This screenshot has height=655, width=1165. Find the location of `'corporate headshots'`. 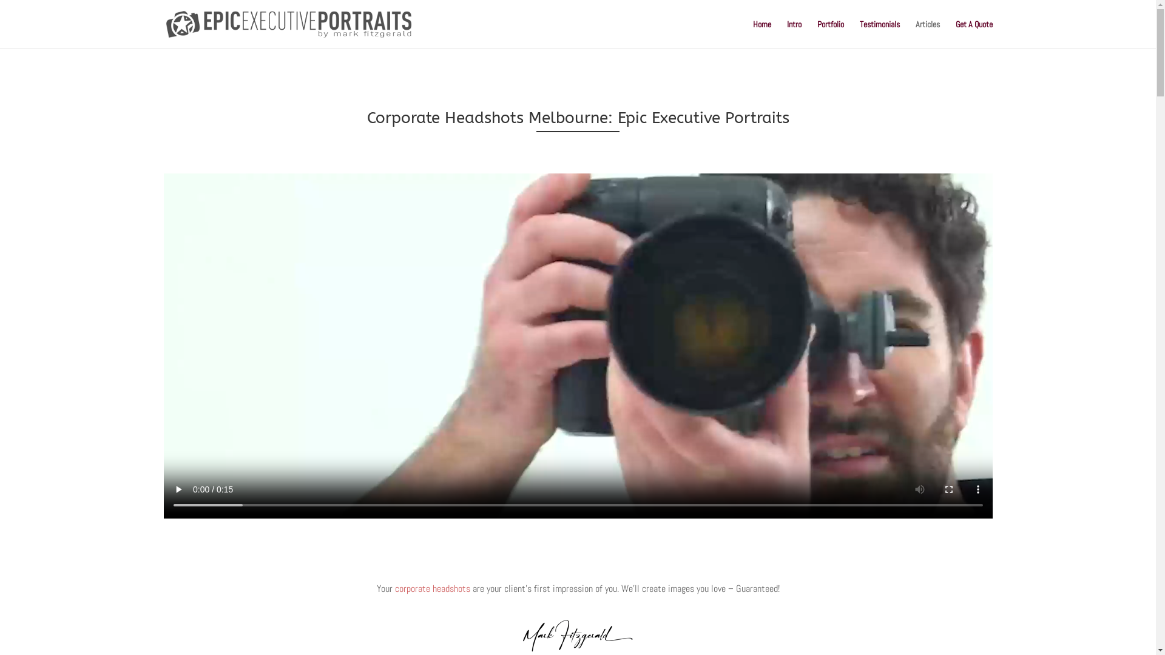

'corporate headshots' is located at coordinates (431, 588).